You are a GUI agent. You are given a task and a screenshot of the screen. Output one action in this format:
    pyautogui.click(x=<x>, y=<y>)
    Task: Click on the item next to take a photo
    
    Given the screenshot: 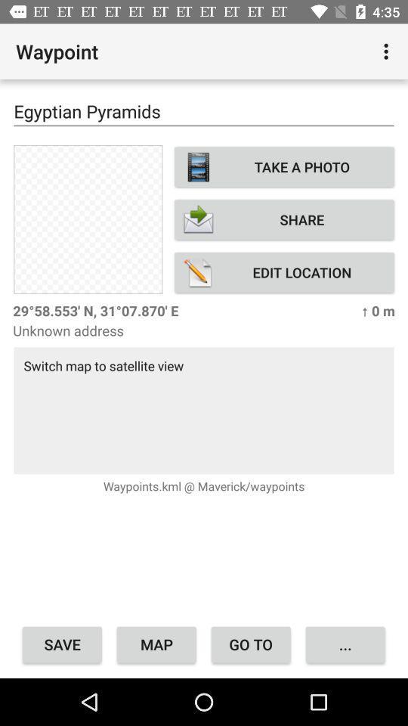 What is the action you would take?
    pyautogui.click(x=88, y=219)
    